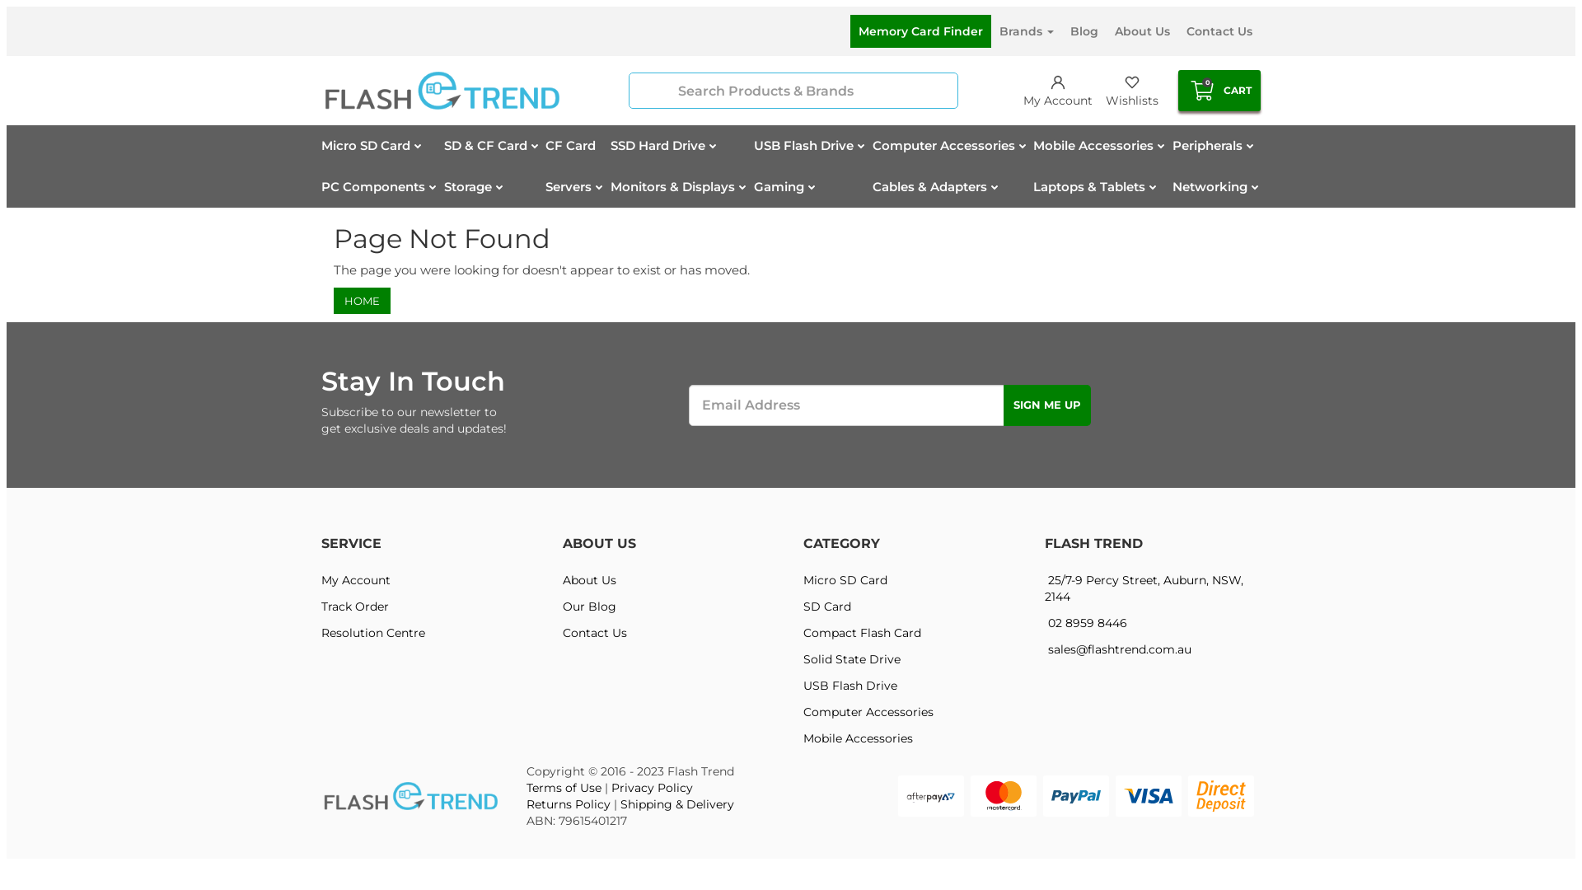 Image resolution: width=1582 pixels, height=890 pixels. I want to click on 'Computer Accessories', so click(950, 145).